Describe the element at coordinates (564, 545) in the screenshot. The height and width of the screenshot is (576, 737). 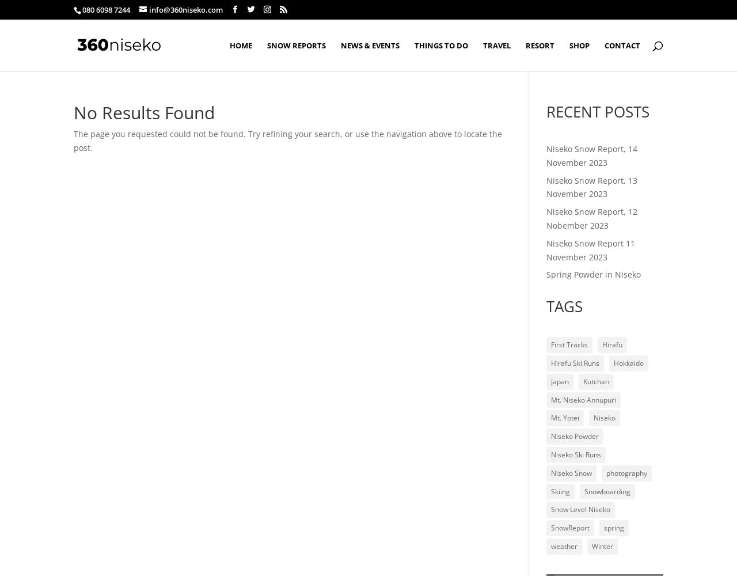
I see `'weather'` at that location.